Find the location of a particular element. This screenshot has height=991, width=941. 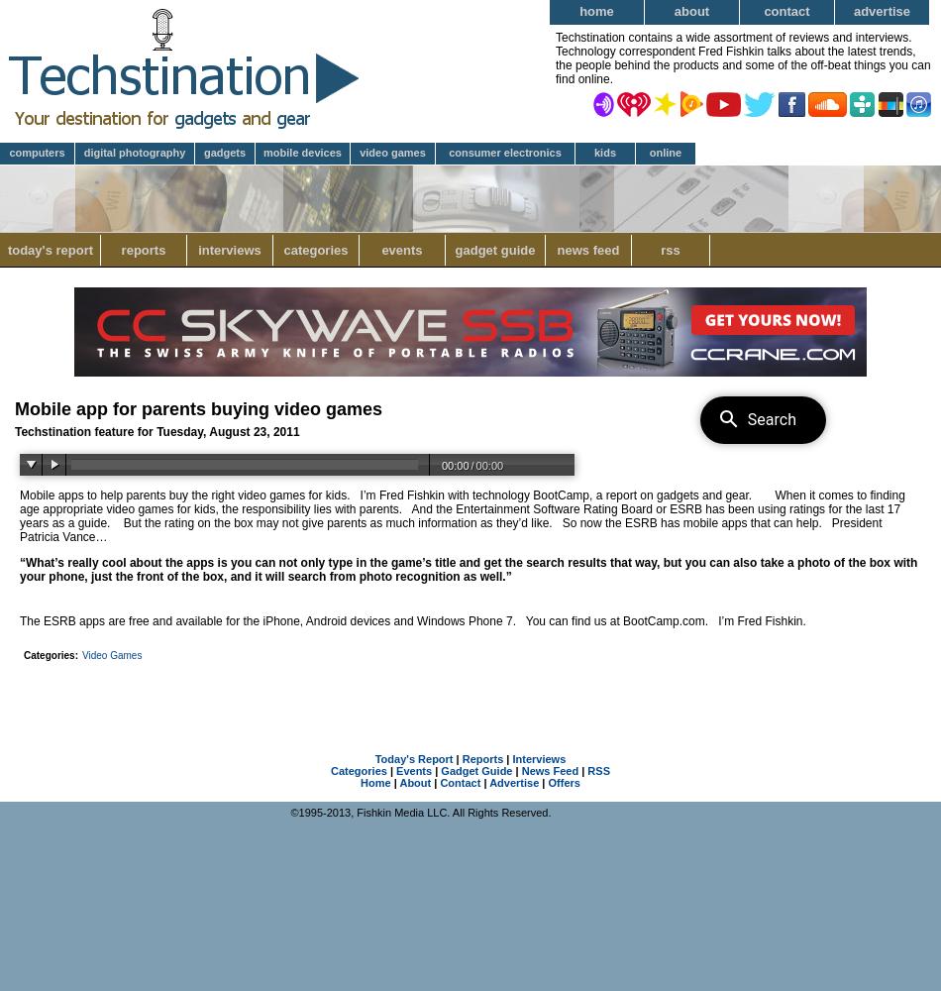

'Categories' is located at coordinates (358, 771).